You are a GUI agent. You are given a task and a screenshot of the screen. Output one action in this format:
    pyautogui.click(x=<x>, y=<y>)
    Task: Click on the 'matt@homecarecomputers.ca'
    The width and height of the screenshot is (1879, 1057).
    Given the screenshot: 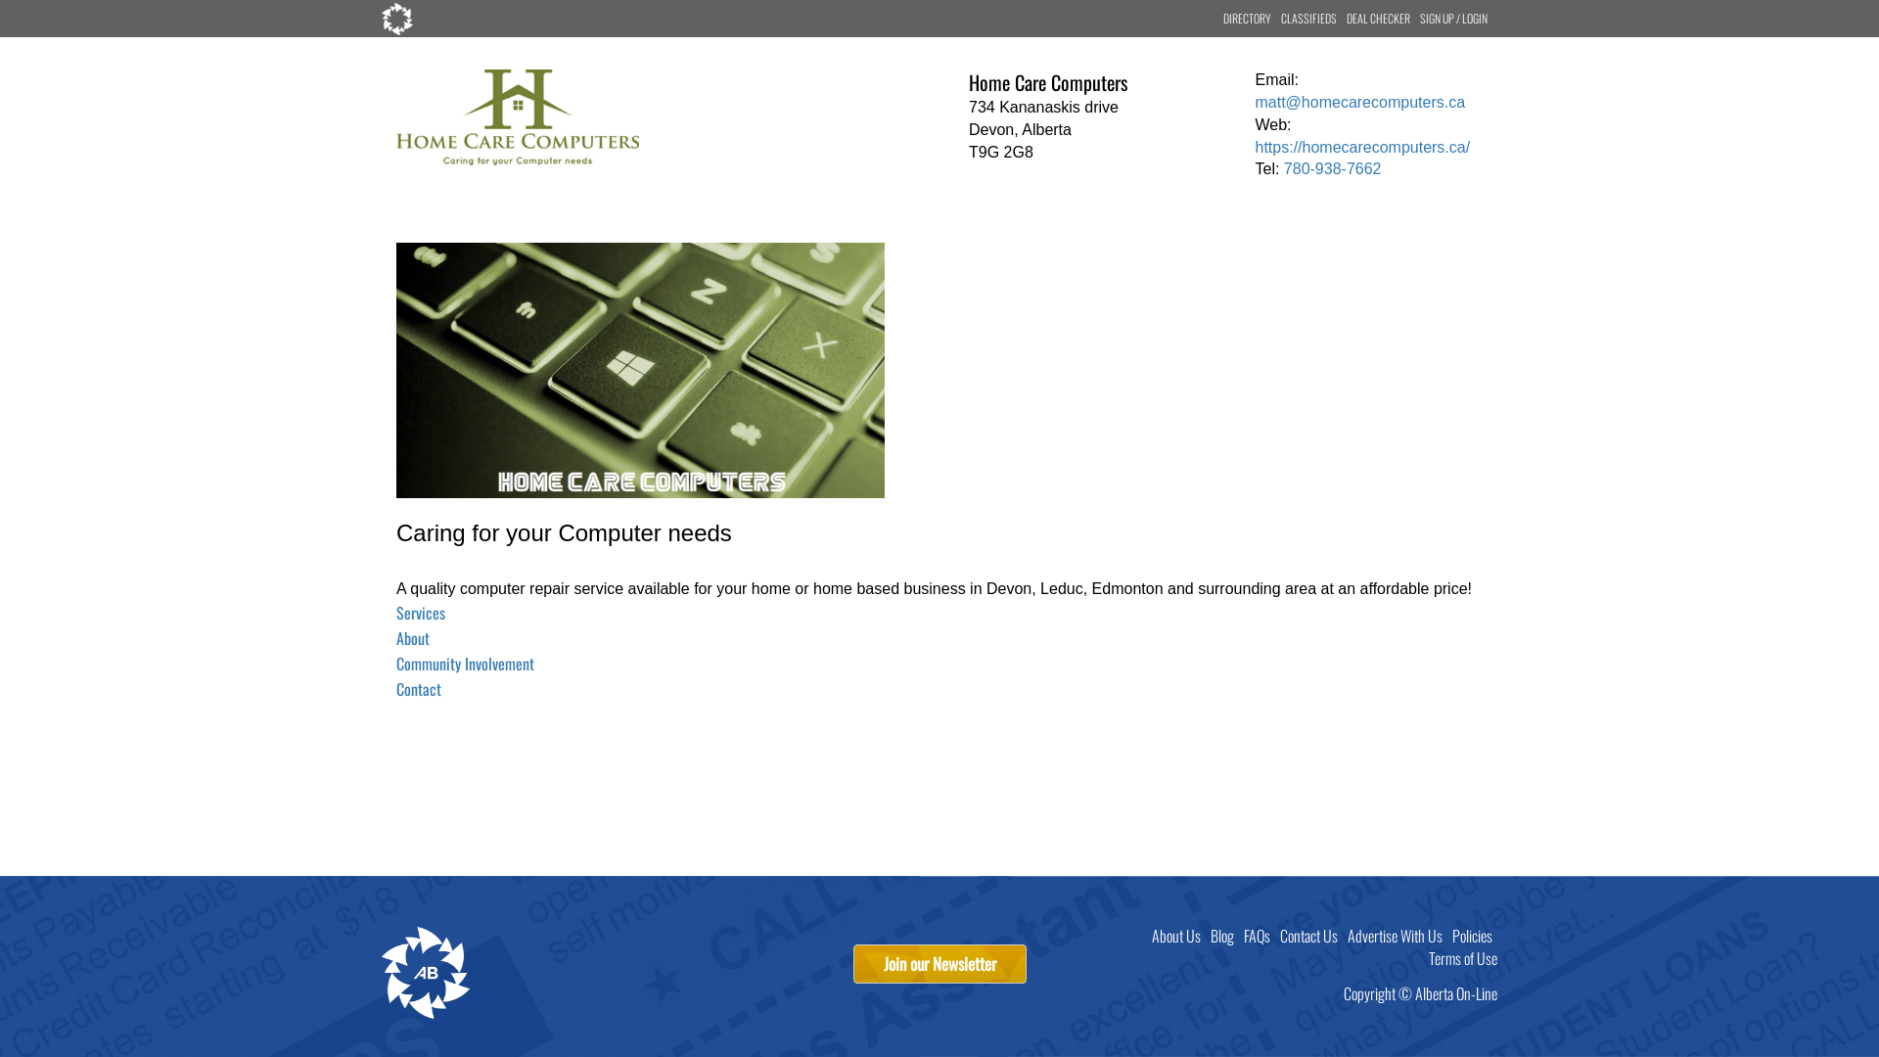 What is the action you would take?
    pyautogui.click(x=1358, y=102)
    